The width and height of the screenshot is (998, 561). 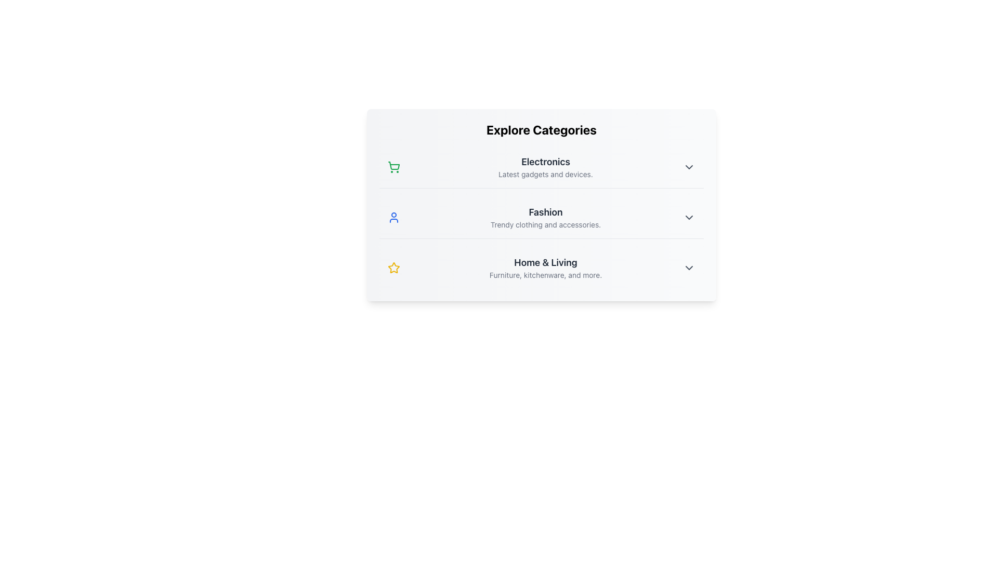 I want to click on the text label stating 'Furniture, kitchenware, and more.' which is styled in light gray and appears beneath the bold heading 'Home & Living', so click(x=545, y=274).